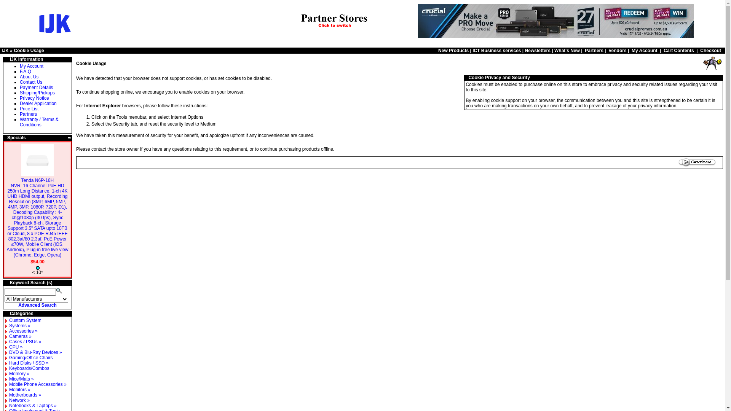  What do you see at coordinates (36, 87) in the screenshot?
I see `'Payment Details'` at bounding box center [36, 87].